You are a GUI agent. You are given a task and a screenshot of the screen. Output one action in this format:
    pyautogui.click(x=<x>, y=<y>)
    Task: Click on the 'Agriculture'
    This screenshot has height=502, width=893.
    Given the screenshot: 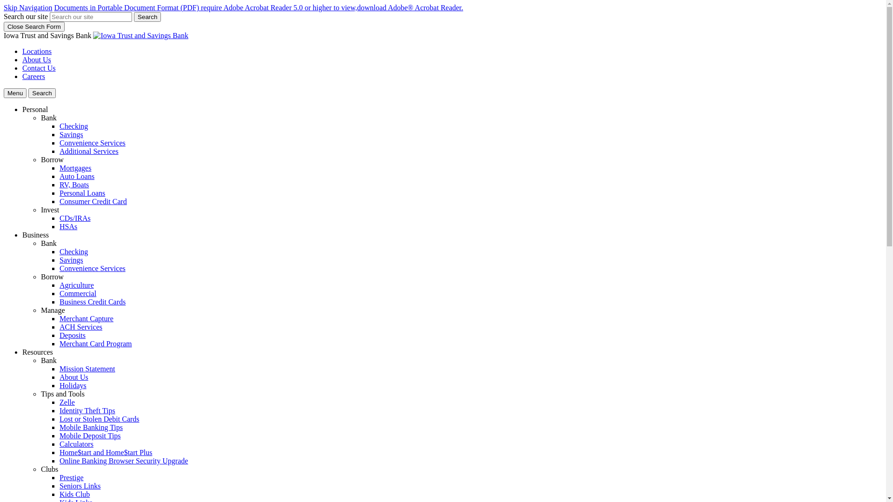 What is the action you would take?
    pyautogui.click(x=59, y=284)
    